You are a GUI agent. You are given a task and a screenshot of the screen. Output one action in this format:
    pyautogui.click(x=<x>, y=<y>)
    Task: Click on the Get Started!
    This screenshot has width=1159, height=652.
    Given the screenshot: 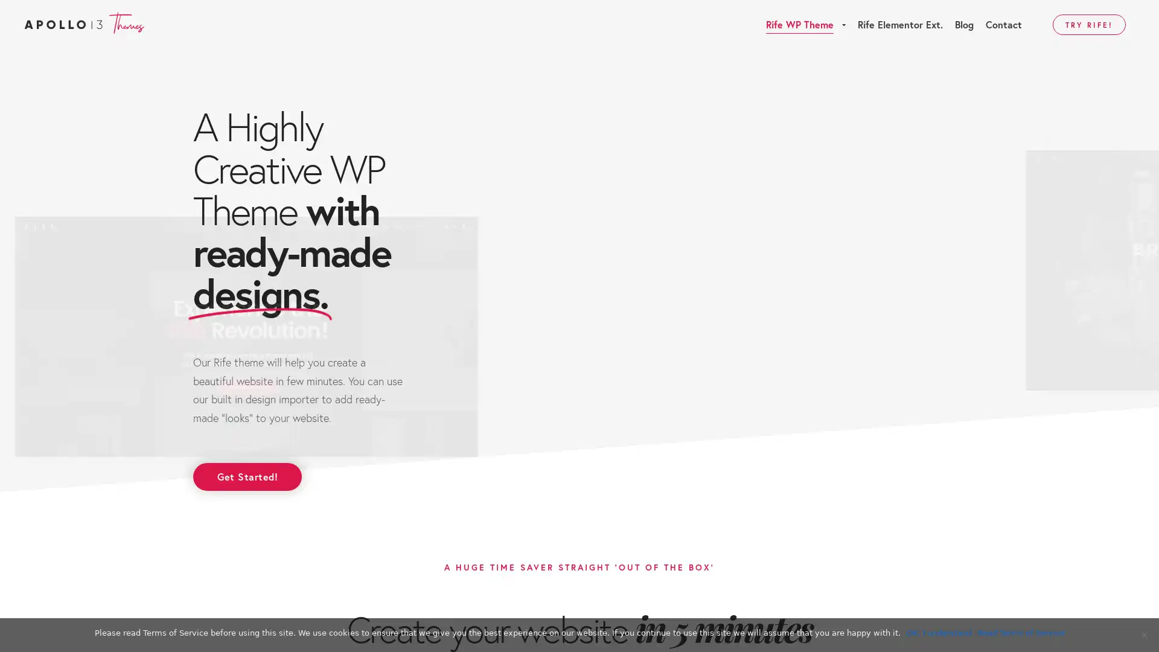 What is the action you would take?
    pyautogui.click(x=246, y=476)
    